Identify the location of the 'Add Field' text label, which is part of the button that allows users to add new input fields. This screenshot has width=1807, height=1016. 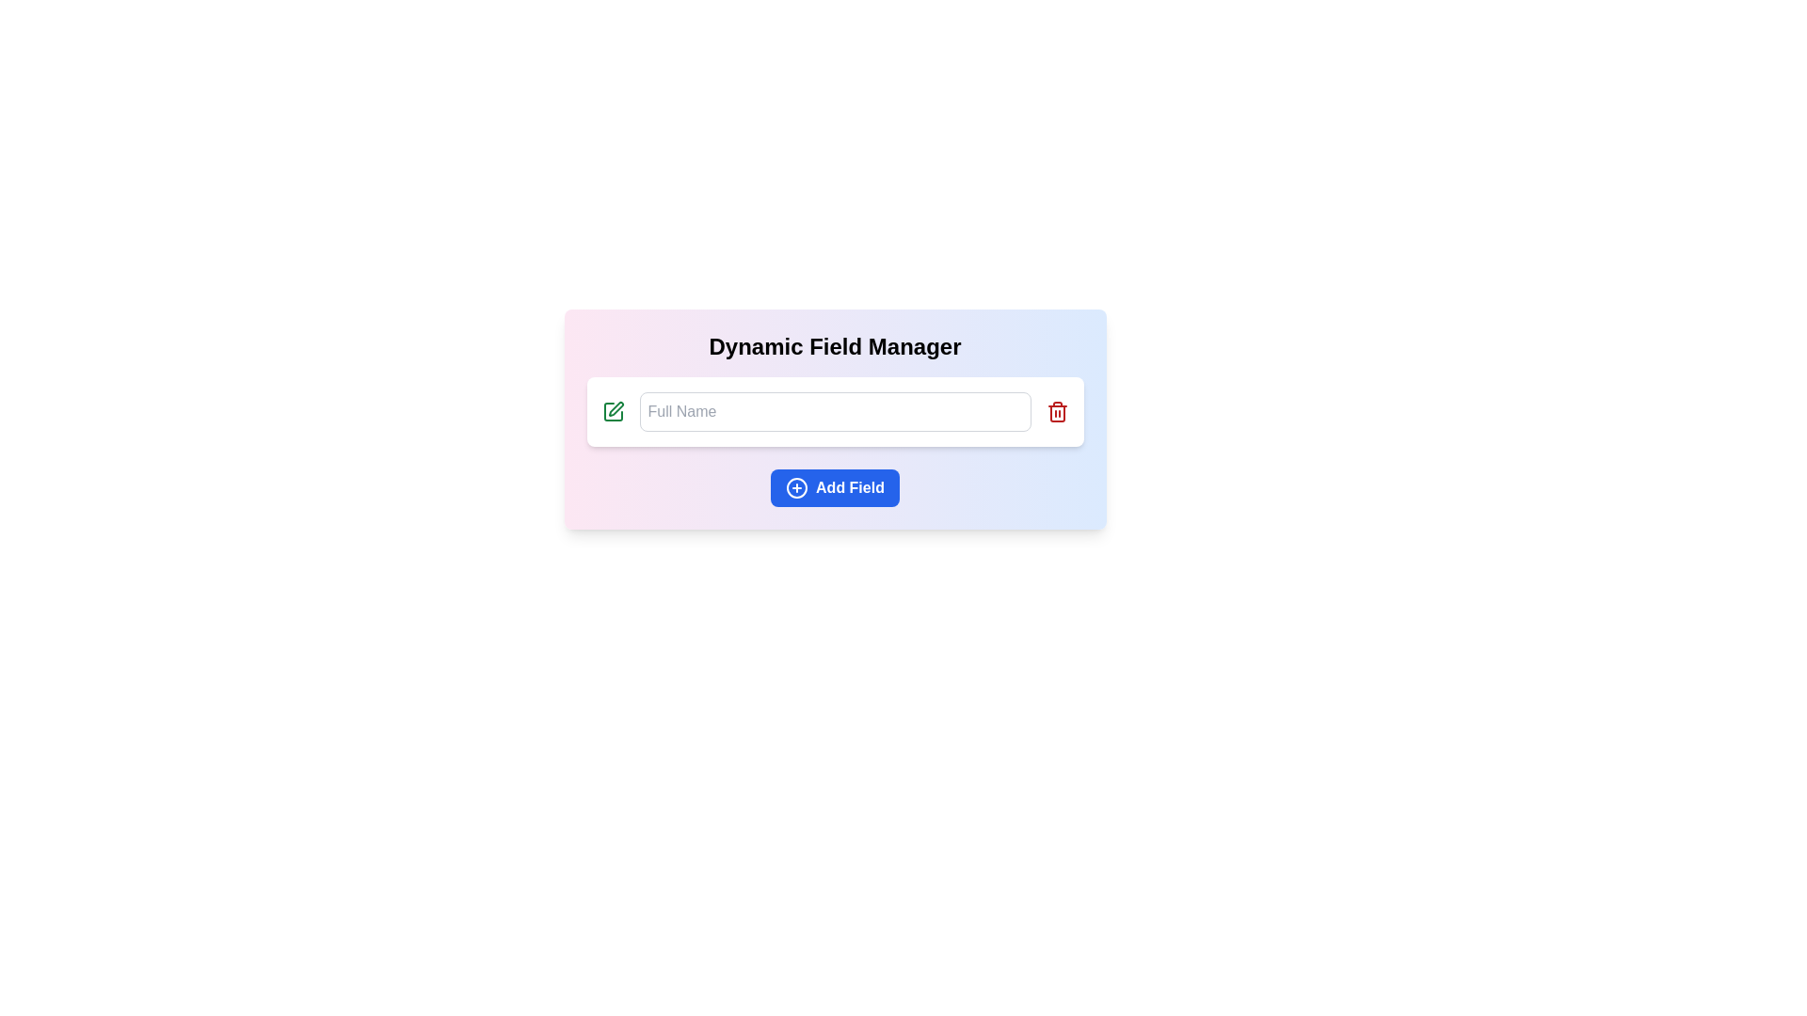
(849, 487).